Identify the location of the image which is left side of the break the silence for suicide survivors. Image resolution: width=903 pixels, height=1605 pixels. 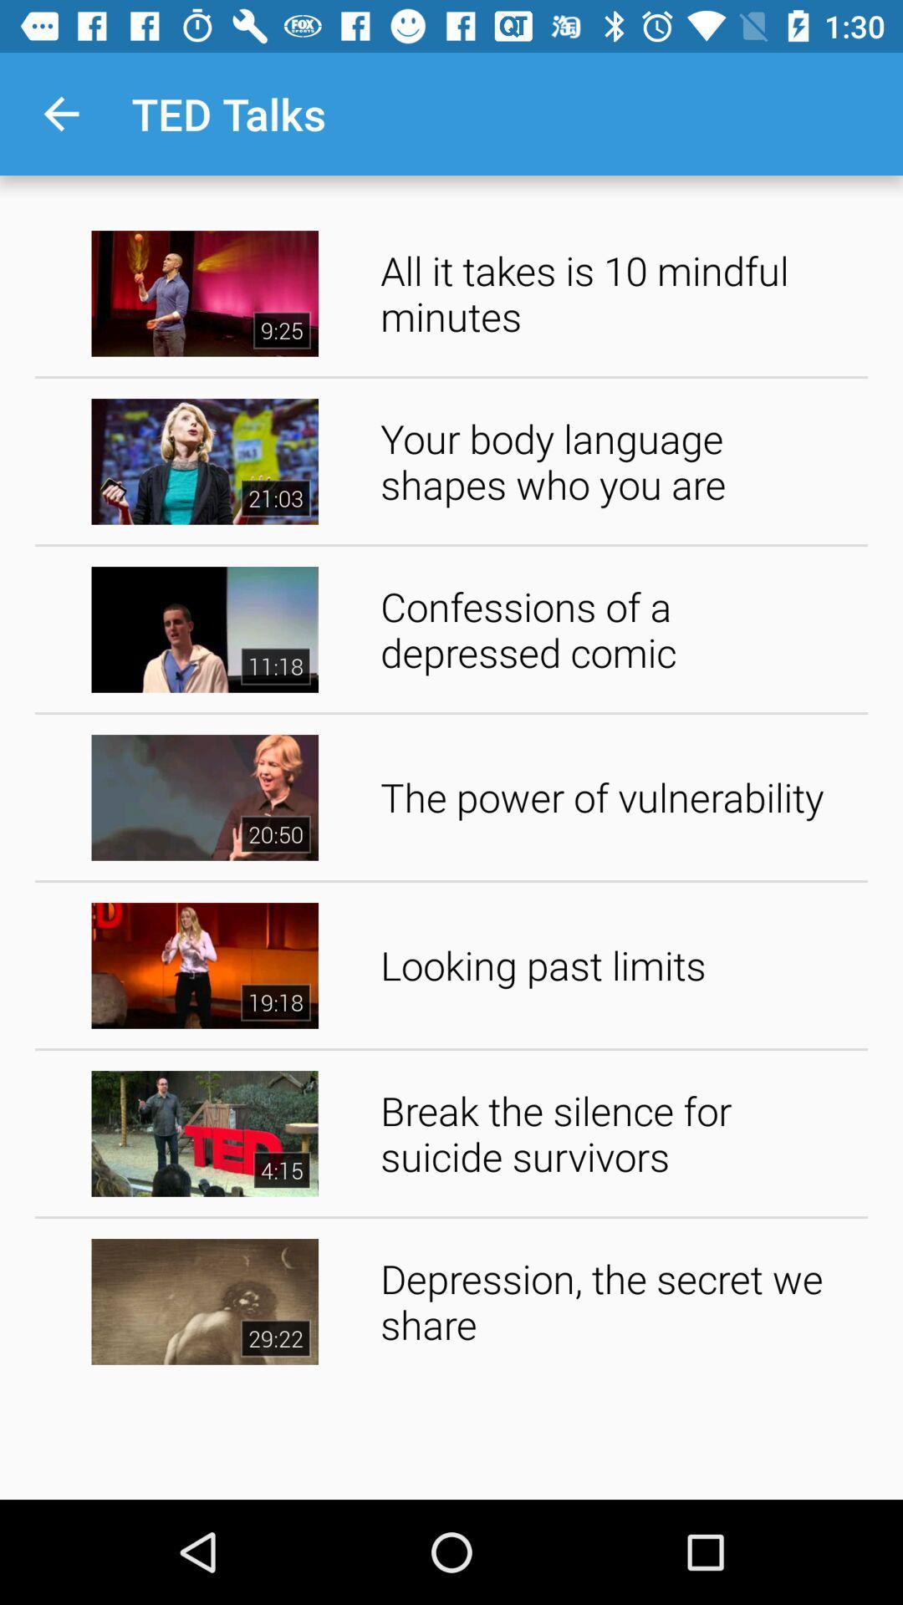
(204, 1134).